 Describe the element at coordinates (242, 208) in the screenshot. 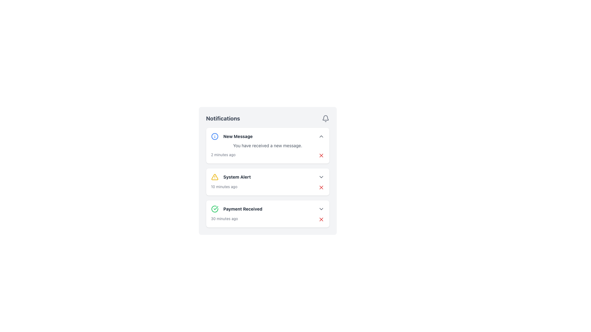

I see `text from the descriptive label located in the bottom notification card of the notifications panel, which is adjacent to a green check icon` at that location.